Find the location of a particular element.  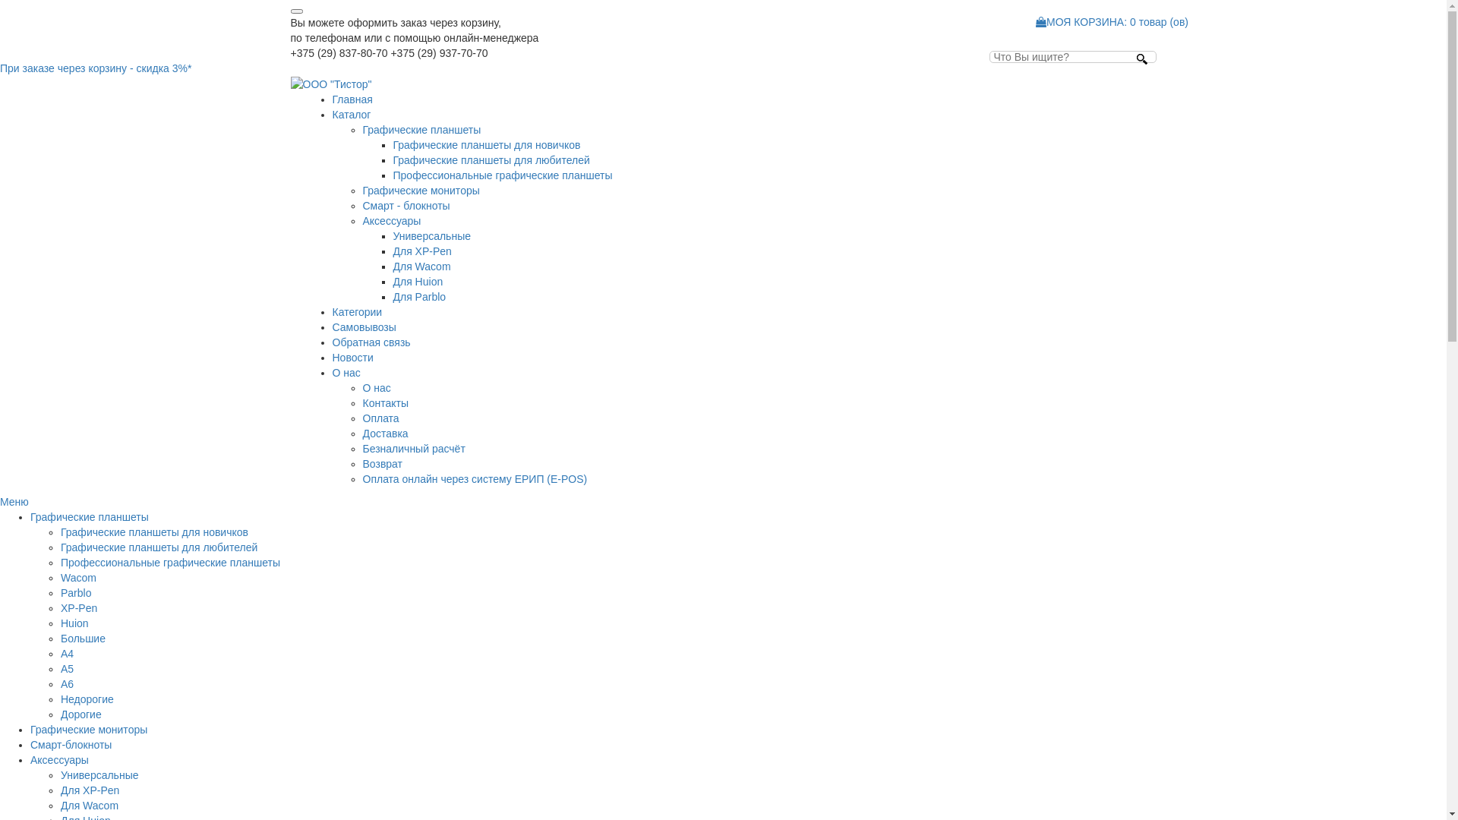

'Wacom' is located at coordinates (77, 577).